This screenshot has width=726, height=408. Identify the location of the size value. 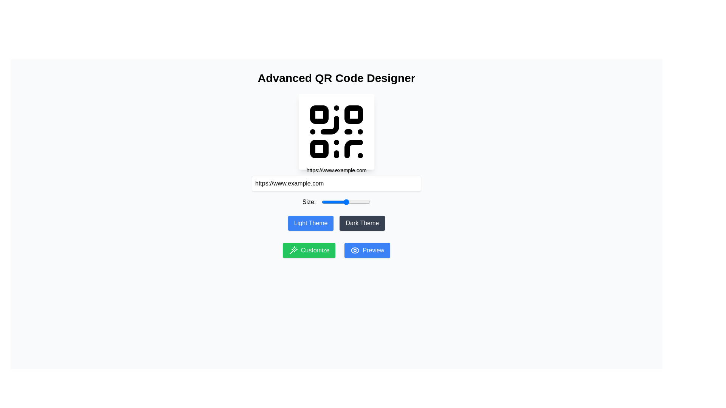
(331, 202).